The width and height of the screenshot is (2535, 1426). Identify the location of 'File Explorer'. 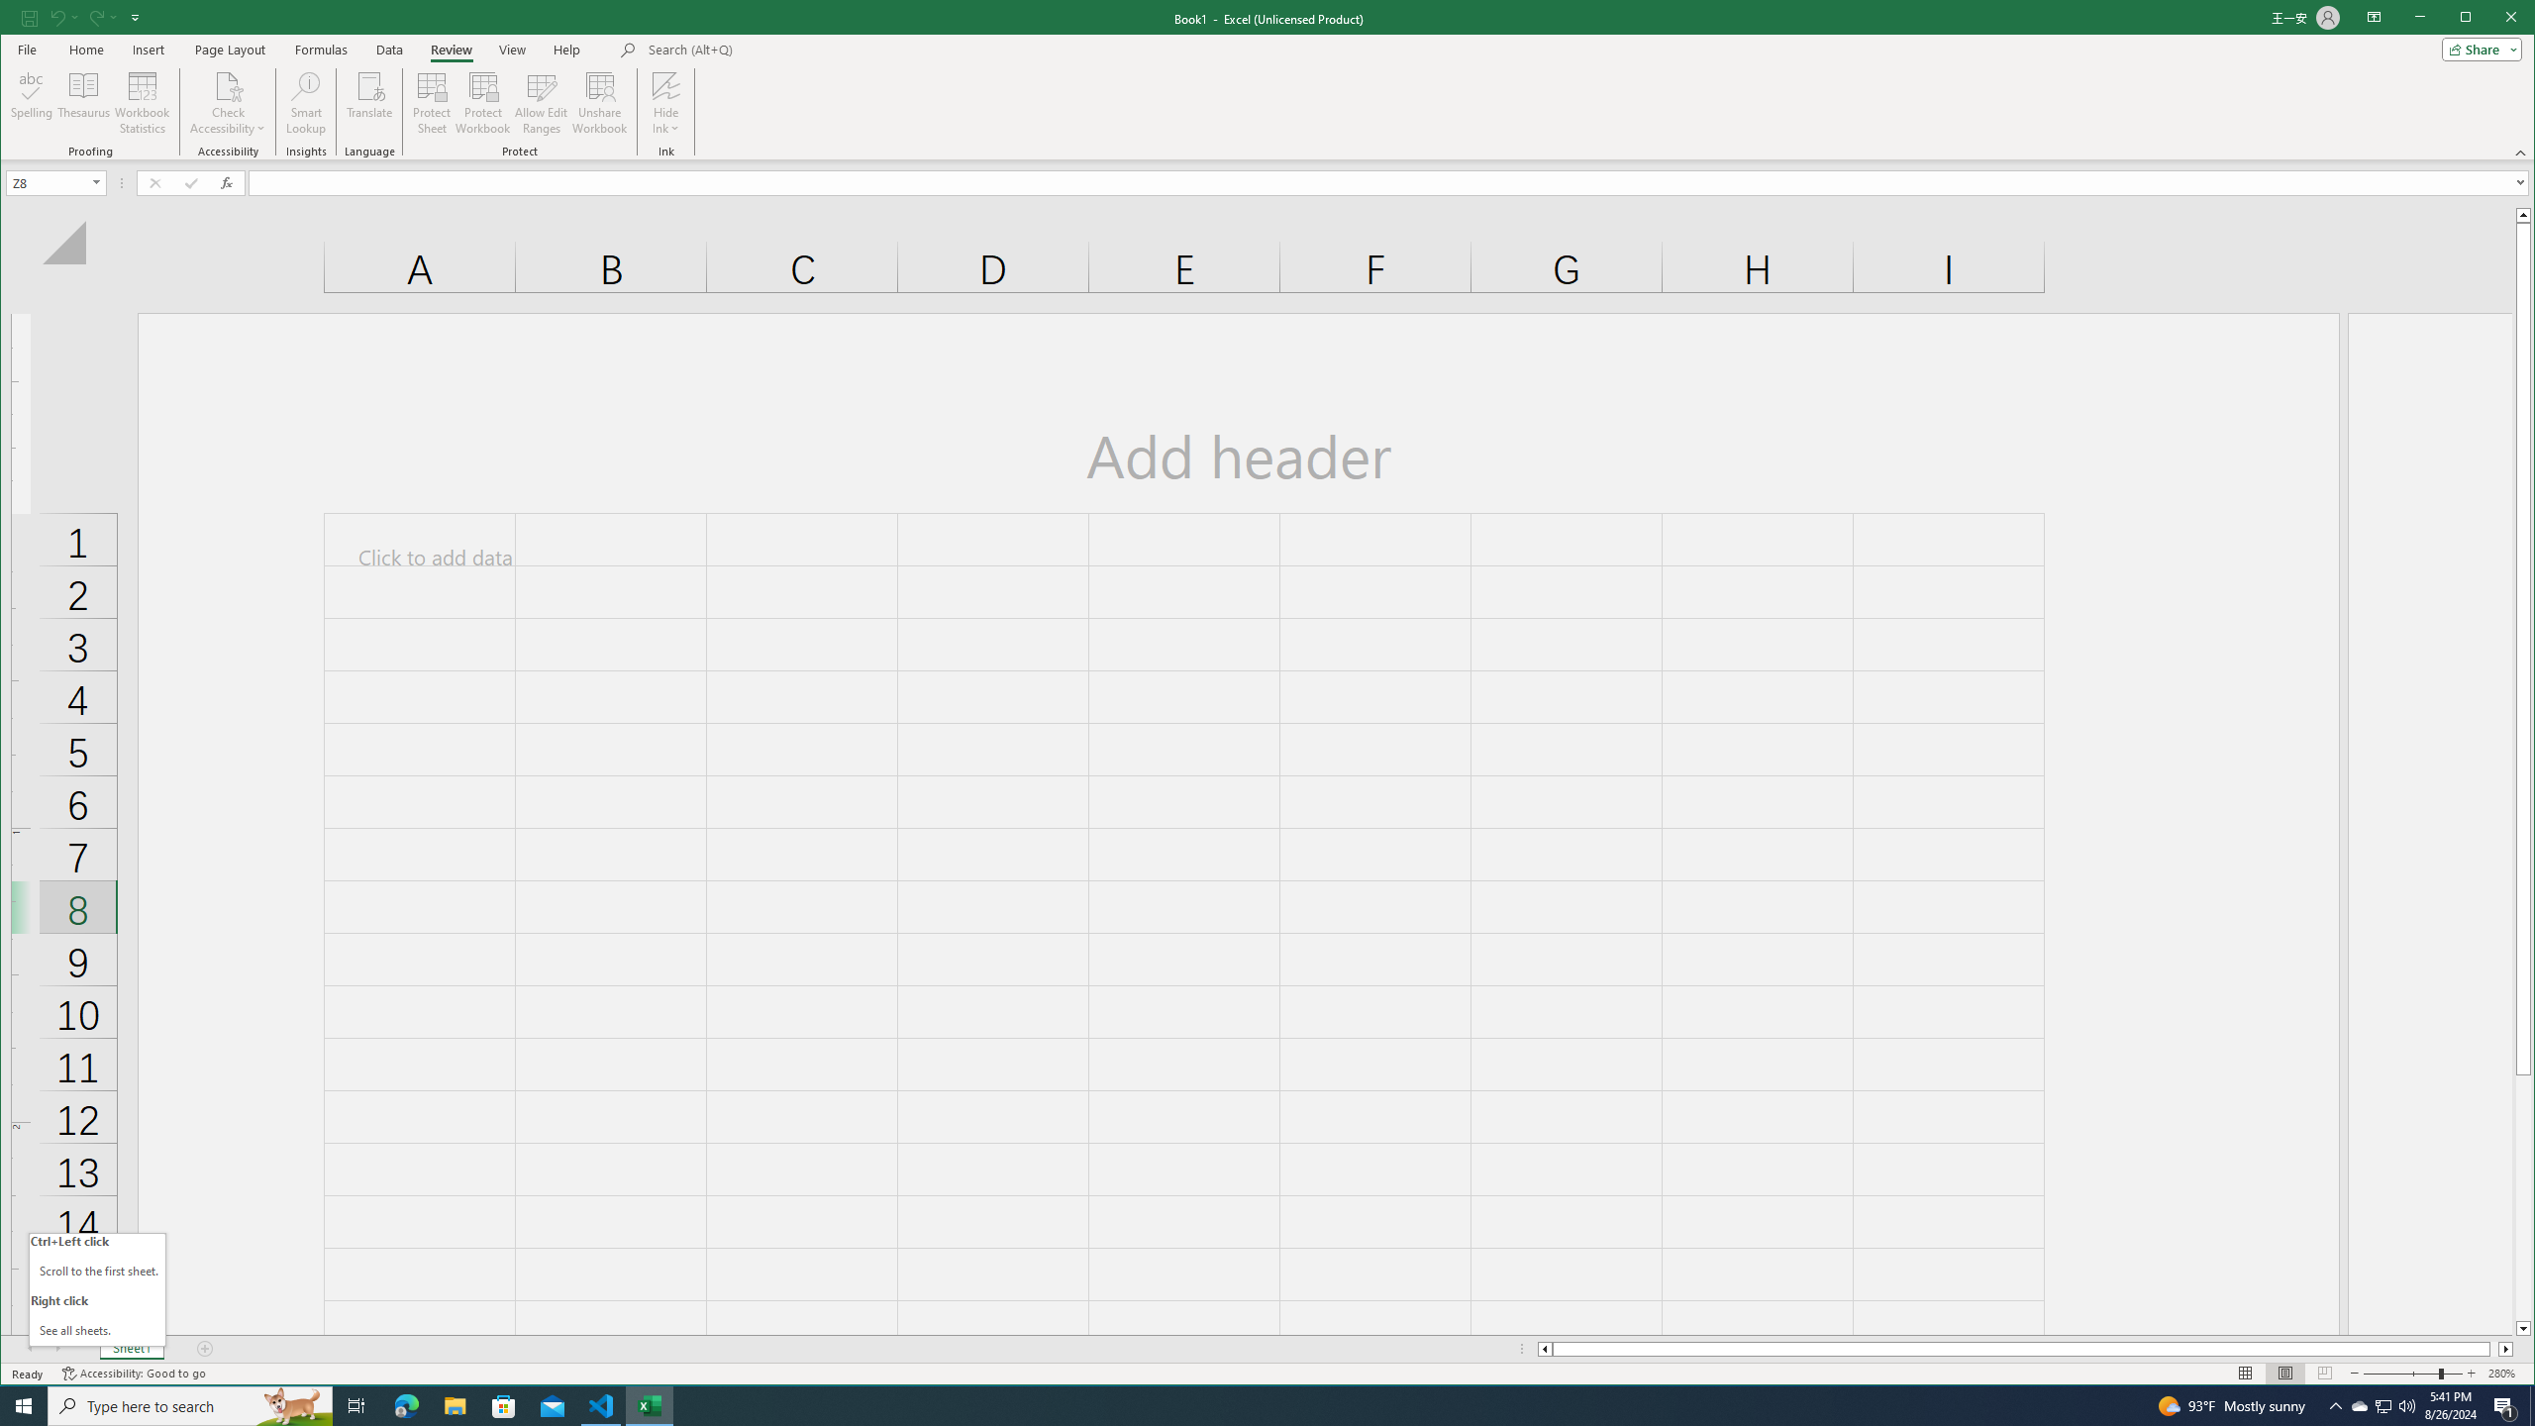
(454, 1404).